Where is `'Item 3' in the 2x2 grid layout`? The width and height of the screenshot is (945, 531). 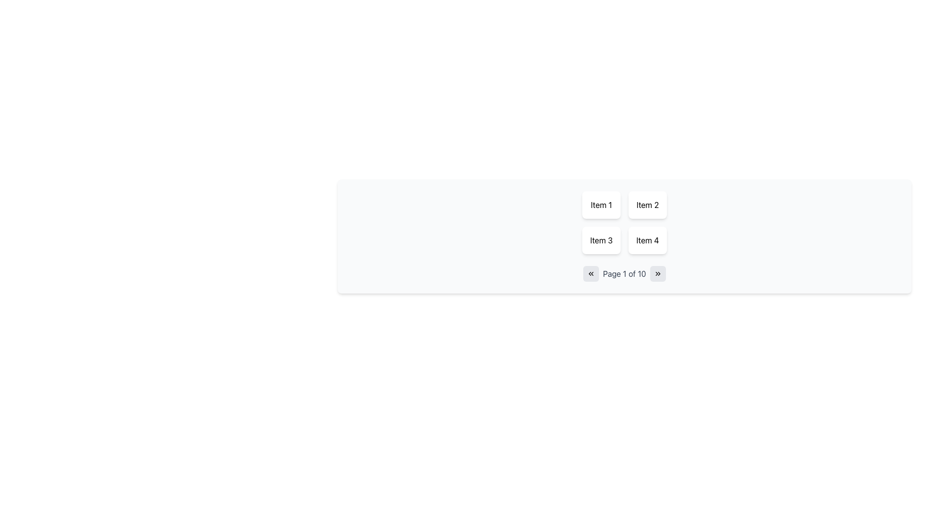
'Item 3' in the 2x2 grid layout is located at coordinates (624, 222).